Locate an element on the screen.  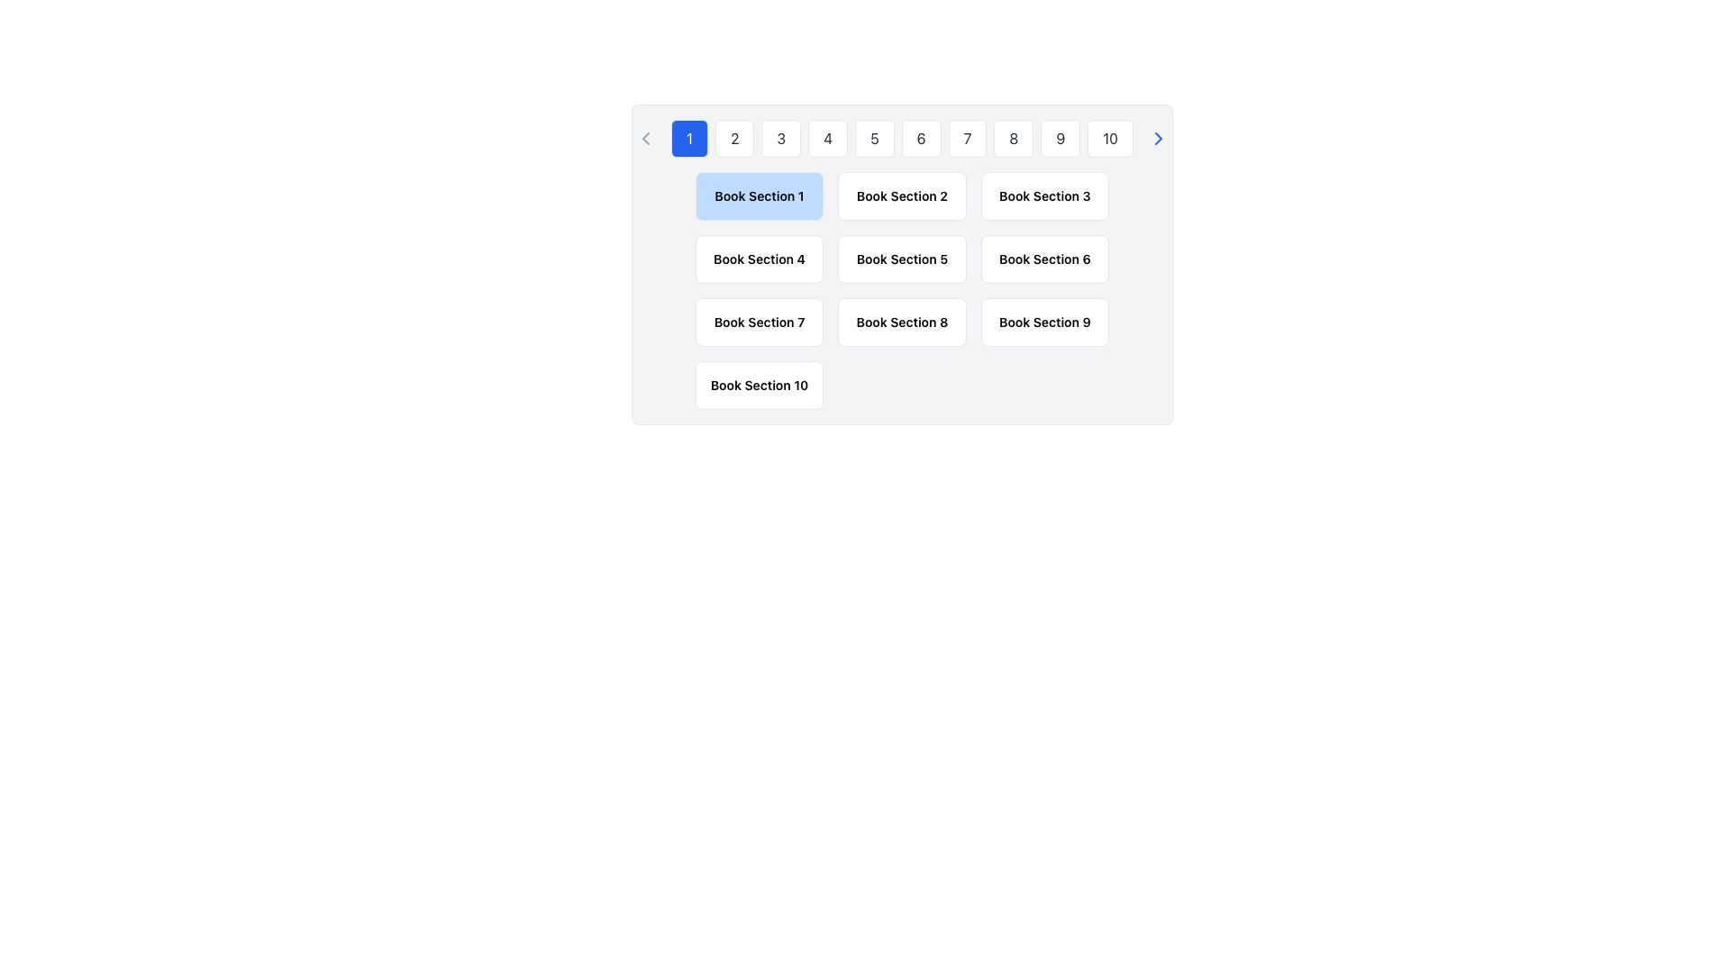
the button labeled 'Book Section 5', which has a white background and black border is located at coordinates (902, 259).